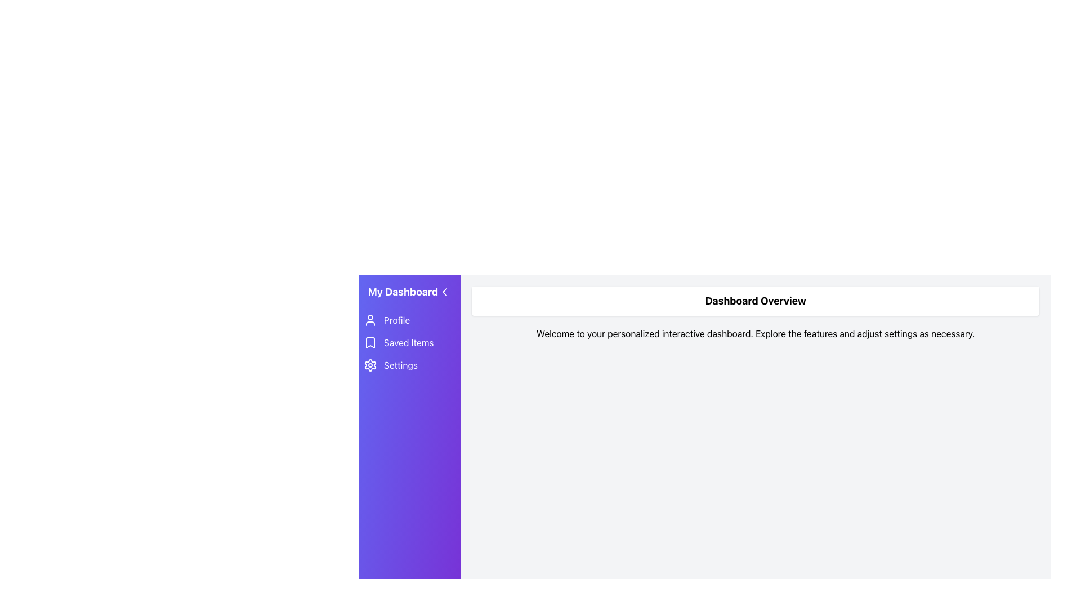 The height and width of the screenshot is (608, 1081). I want to click on the decorative icon representing the 'Saved Items' feature in the vertical menu, so click(370, 342).